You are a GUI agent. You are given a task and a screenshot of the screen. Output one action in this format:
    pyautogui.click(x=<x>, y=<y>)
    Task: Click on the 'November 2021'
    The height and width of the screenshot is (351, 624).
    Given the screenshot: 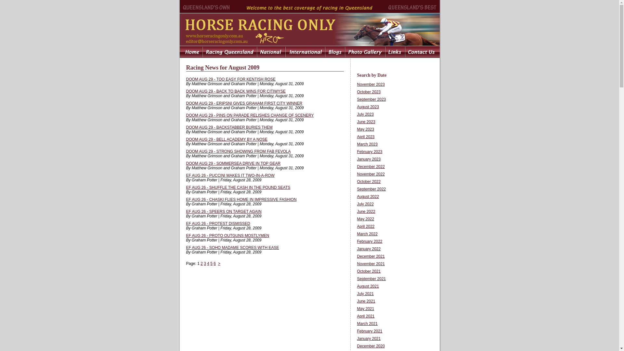 What is the action you would take?
    pyautogui.click(x=370, y=264)
    